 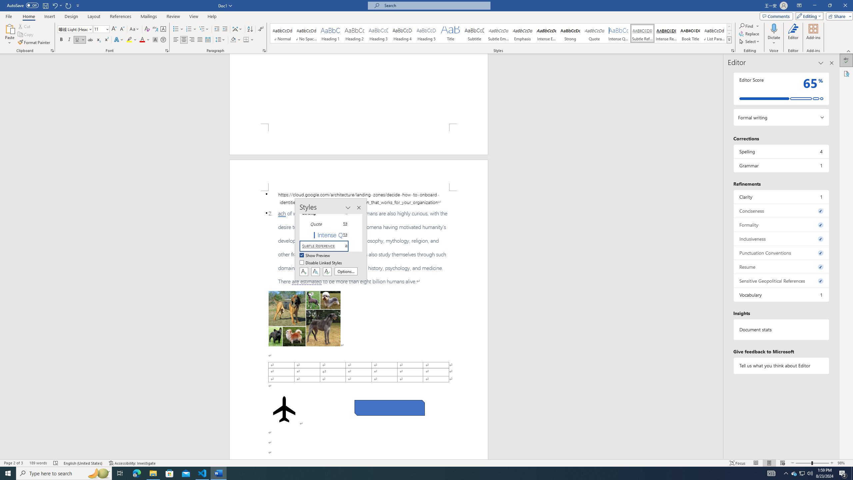 What do you see at coordinates (13, 463) in the screenshot?
I see `'Page Number Page 2 of 3'` at bounding box center [13, 463].